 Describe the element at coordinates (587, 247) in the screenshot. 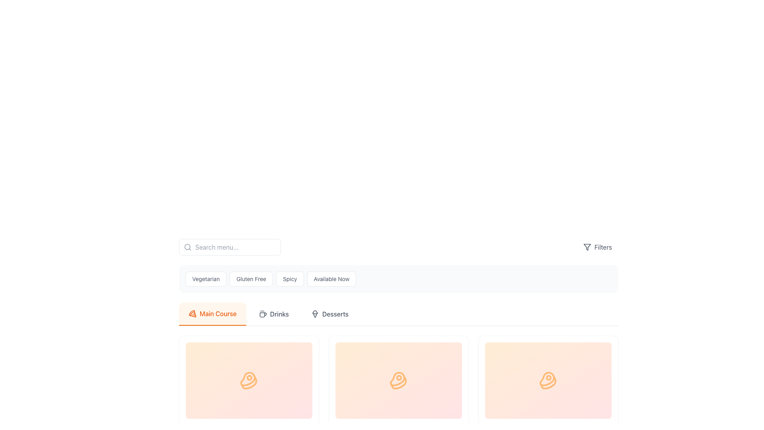

I see `the triangular-shaped filter icon located at the top-right corner of the interface` at that location.